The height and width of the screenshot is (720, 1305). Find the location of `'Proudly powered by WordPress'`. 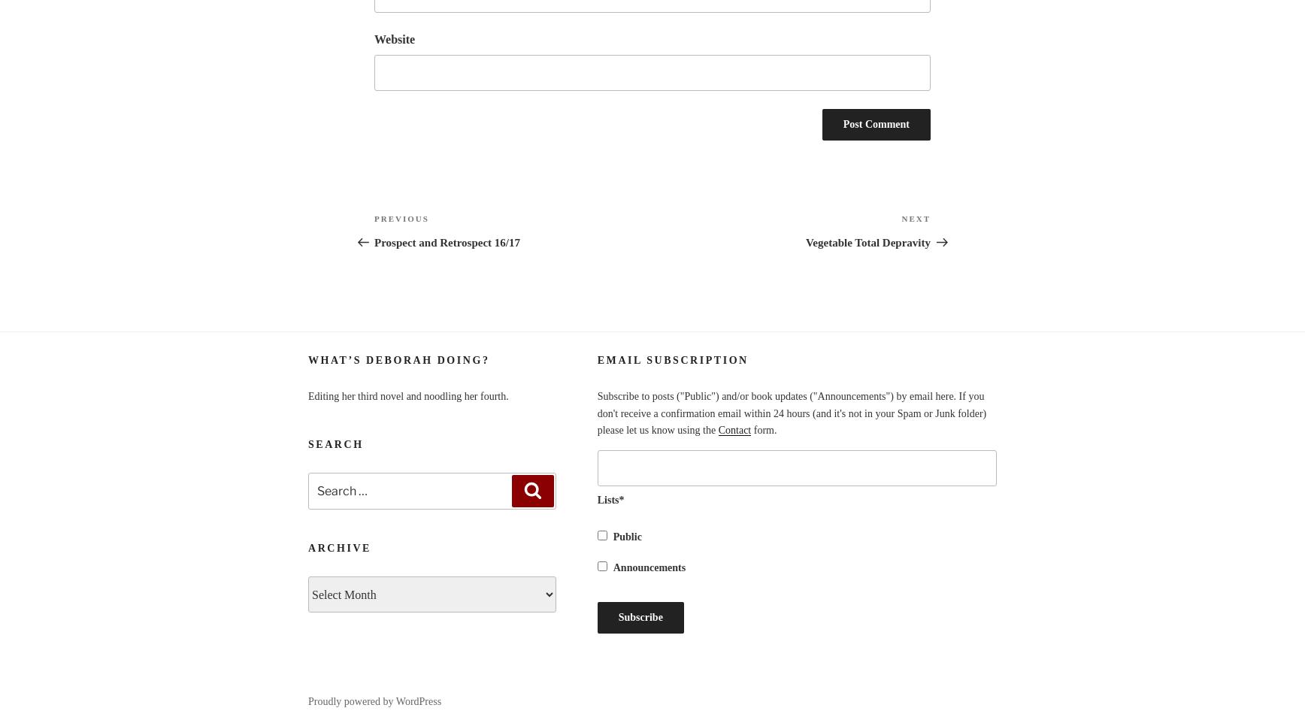

'Proudly powered by WordPress' is located at coordinates (374, 700).